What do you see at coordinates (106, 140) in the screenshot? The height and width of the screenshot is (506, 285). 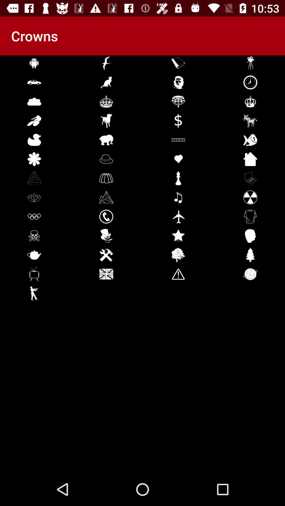 I see `the icon which is at fifth row second column` at bounding box center [106, 140].